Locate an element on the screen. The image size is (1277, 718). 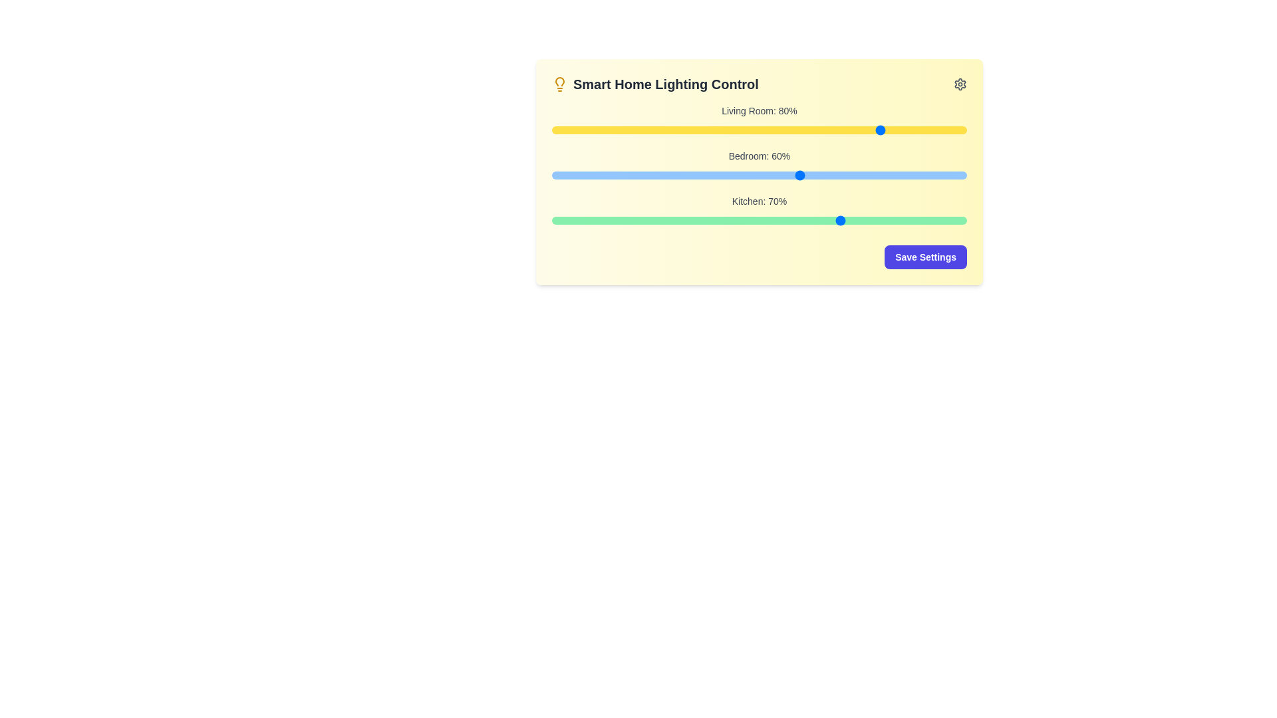
the living room light intensity is located at coordinates (760, 130).